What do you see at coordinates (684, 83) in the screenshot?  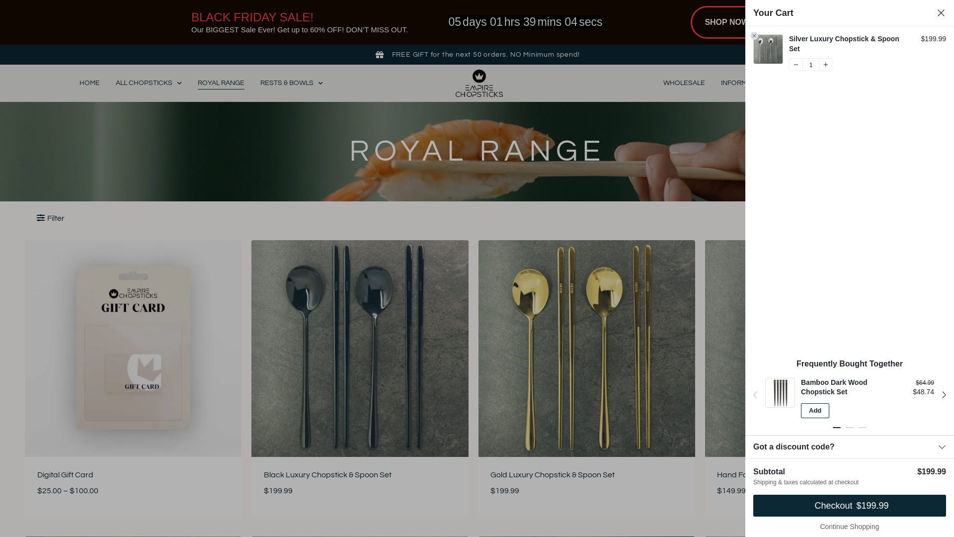 I see `'WHOLESALE'` at bounding box center [684, 83].